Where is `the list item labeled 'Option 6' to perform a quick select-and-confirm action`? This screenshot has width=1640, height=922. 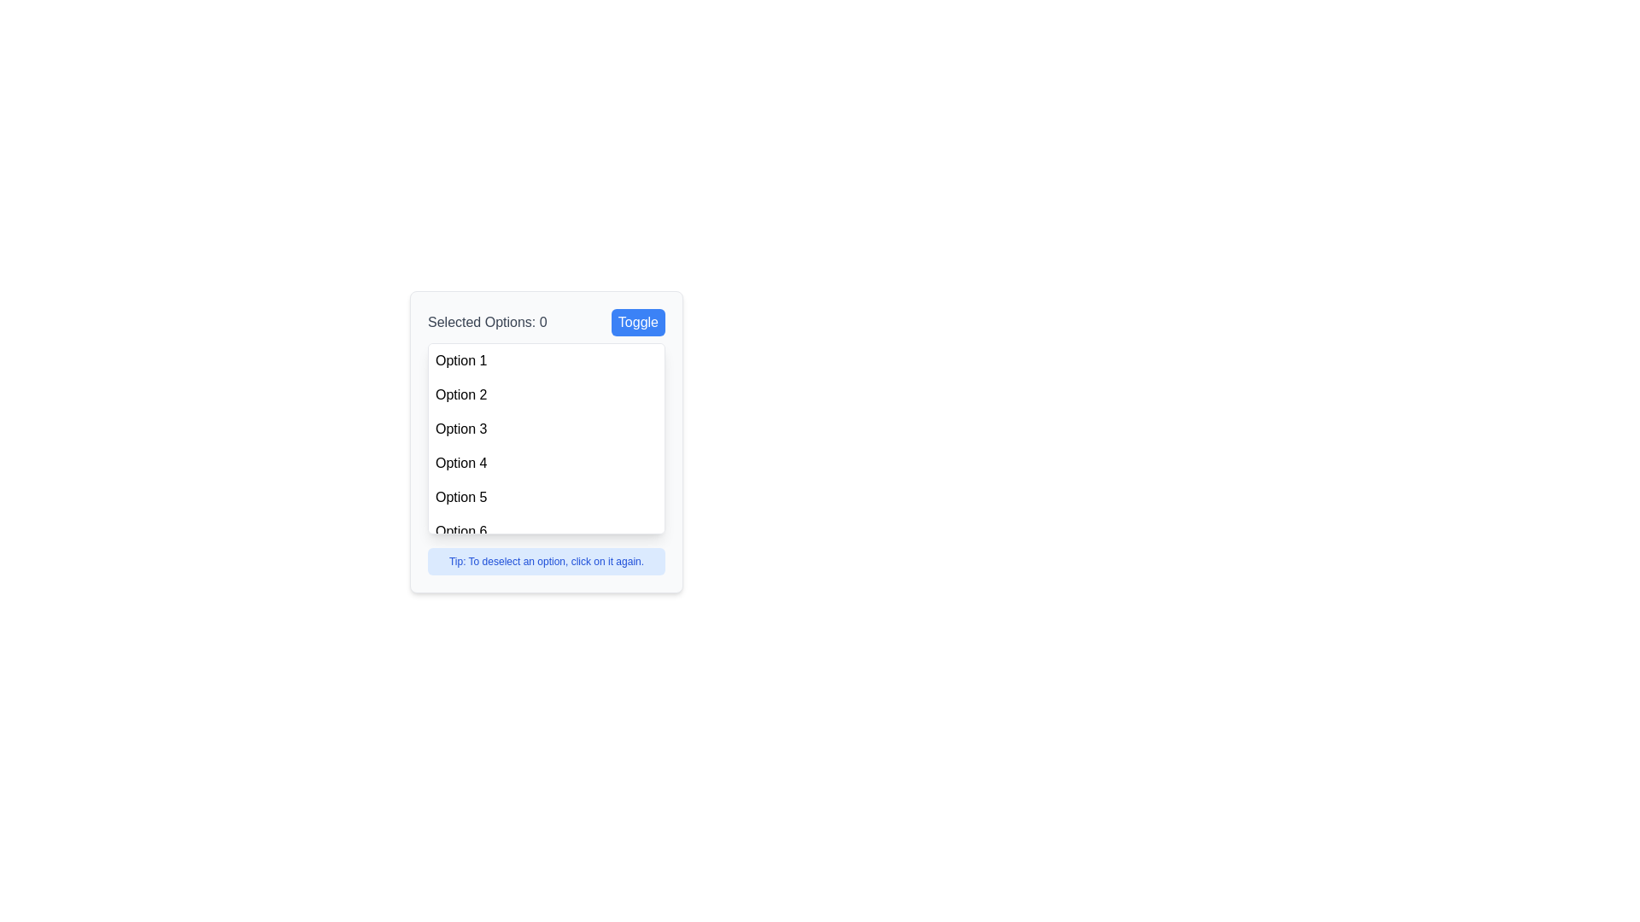 the list item labeled 'Option 6' to perform a quick select-and-confirm action is located at coordinates (545, 531).